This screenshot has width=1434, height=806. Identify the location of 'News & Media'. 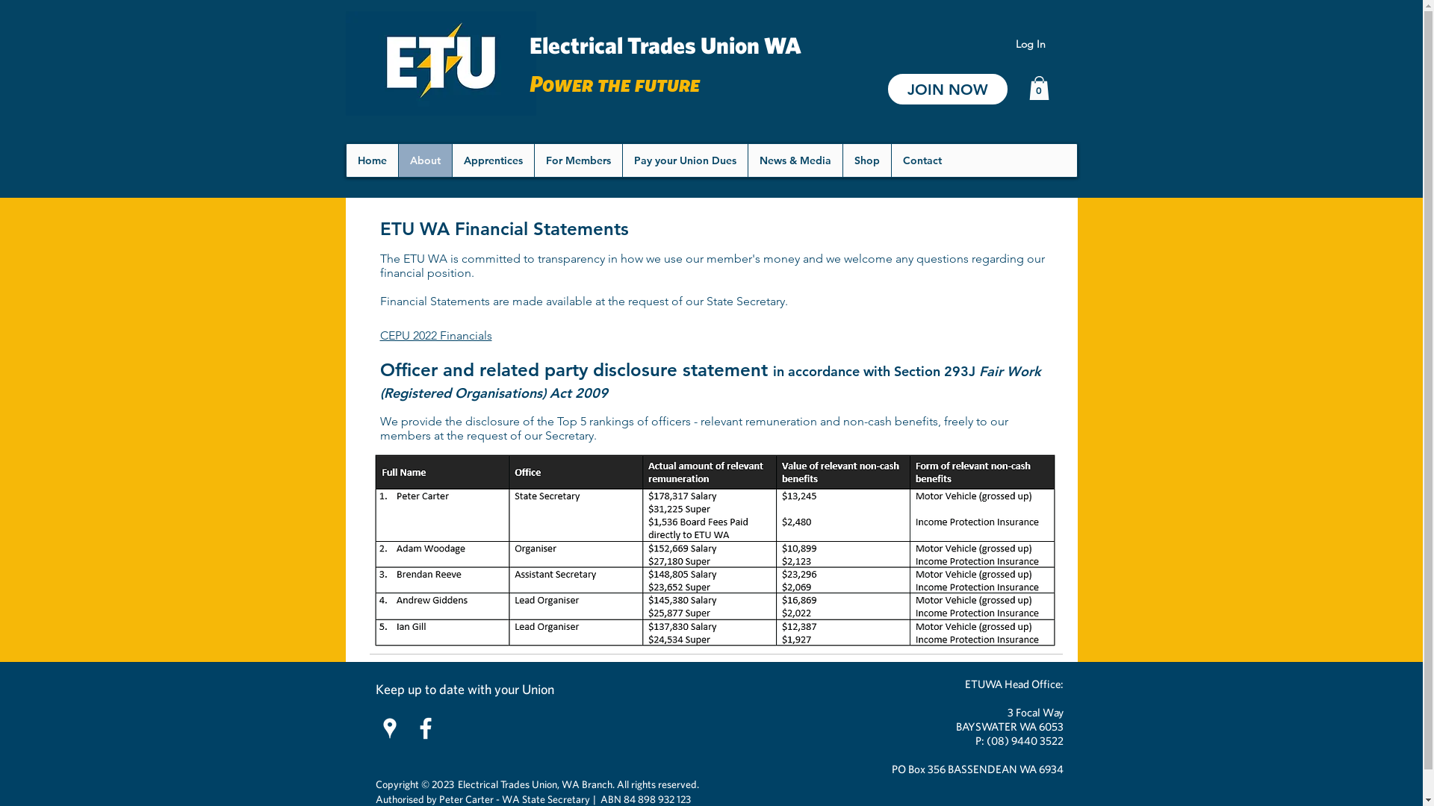
(793, 160).